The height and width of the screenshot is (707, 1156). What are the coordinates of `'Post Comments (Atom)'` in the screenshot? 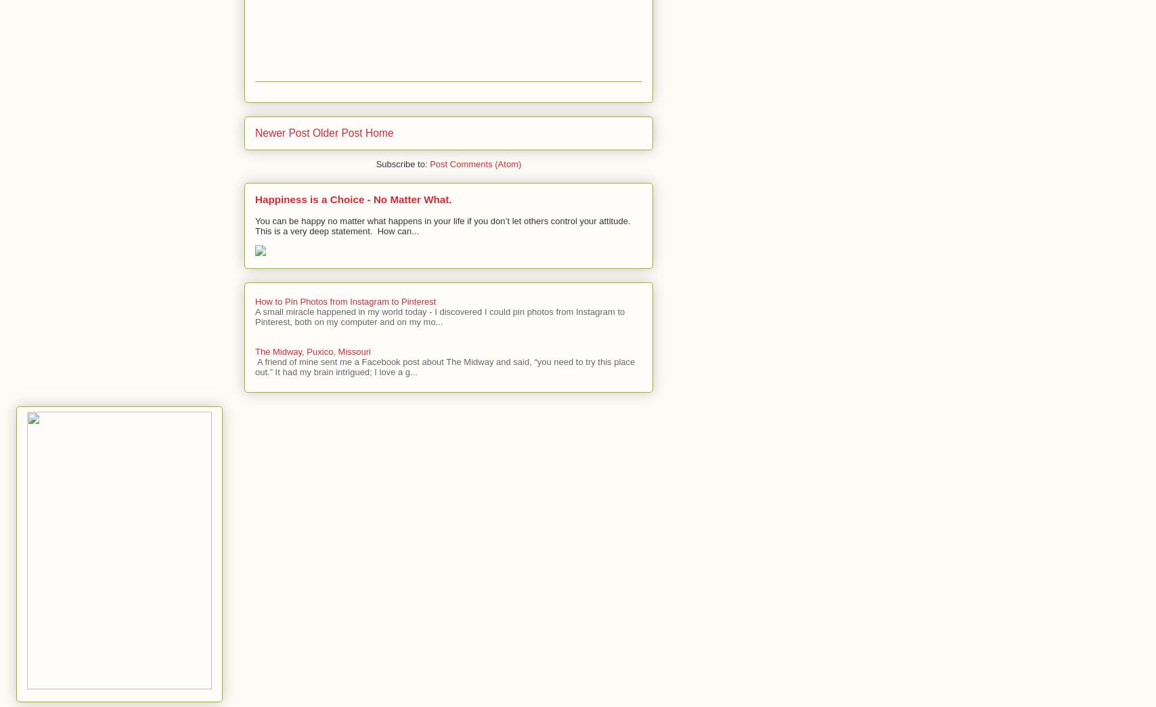 It's located at (475, 164).